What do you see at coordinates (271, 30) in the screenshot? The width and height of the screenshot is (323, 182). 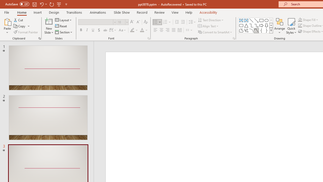 I see `'Shapes'` at bounding box center [271, 30].